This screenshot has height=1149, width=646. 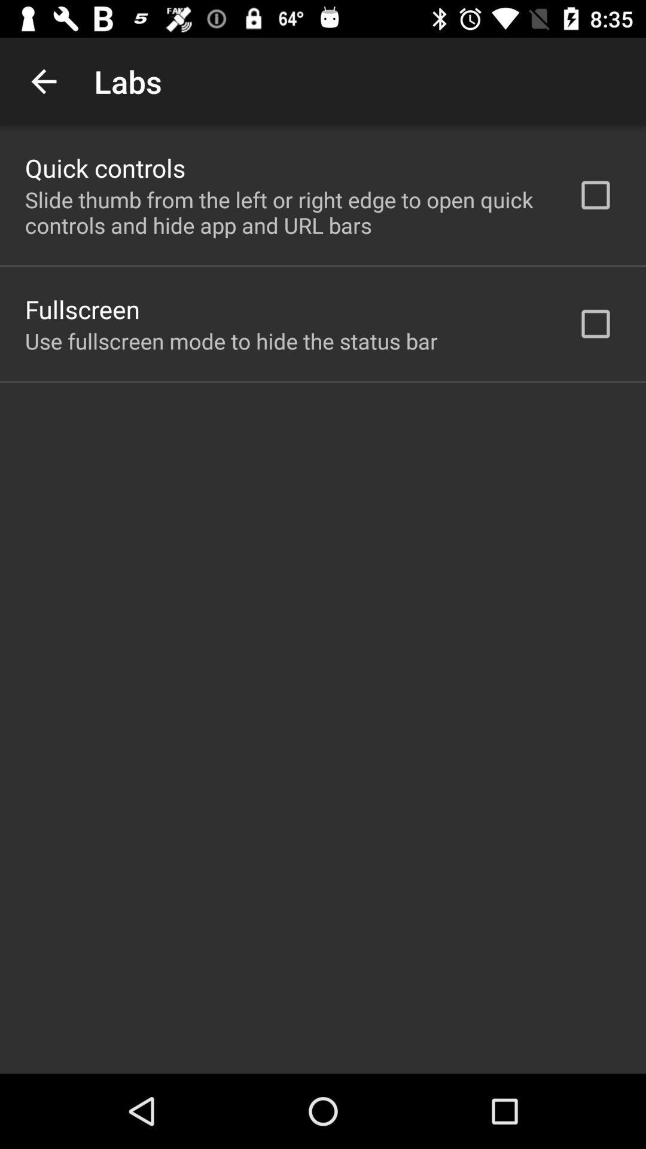 What do you see at coordinates (285, 212) in the screenshot?
I see `the slide thumb from icon` at bounding box center [285, 212].